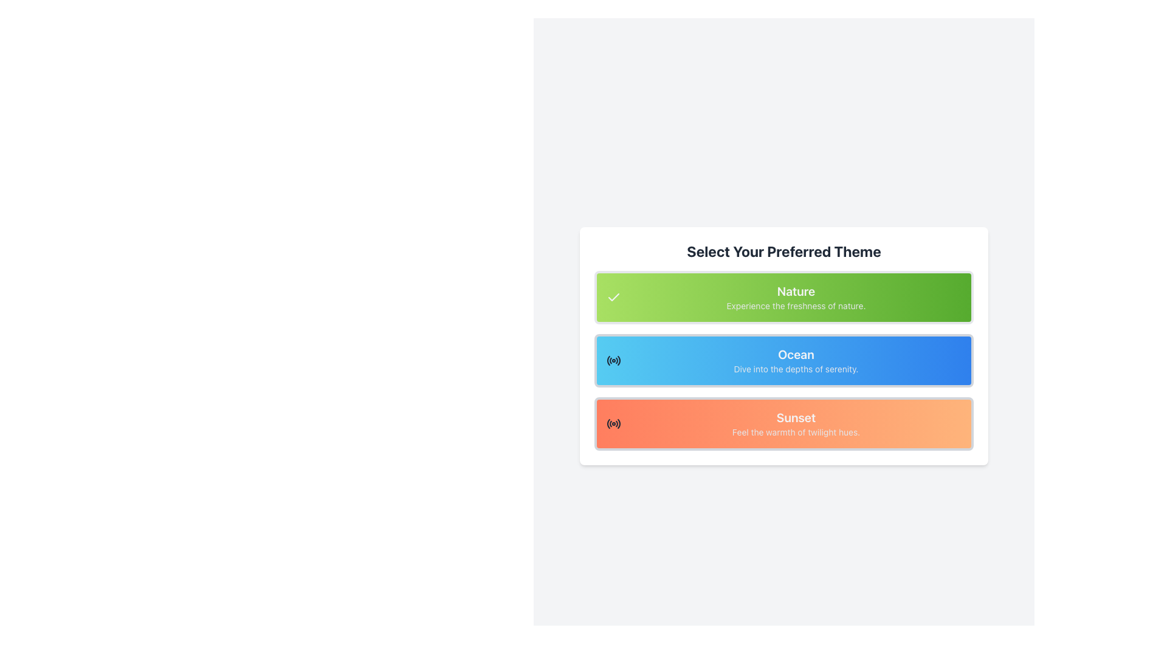 This screenshot has height=656, width=1167. What do you see at coordinates (796, 360) in the screenshot?
I see `the text block titled 'Ocean' with the subtitle 'Dive into the depths of serenity.' which is the second option in a vertical list of three options in the selection panel` at bounding box center [796, 360].